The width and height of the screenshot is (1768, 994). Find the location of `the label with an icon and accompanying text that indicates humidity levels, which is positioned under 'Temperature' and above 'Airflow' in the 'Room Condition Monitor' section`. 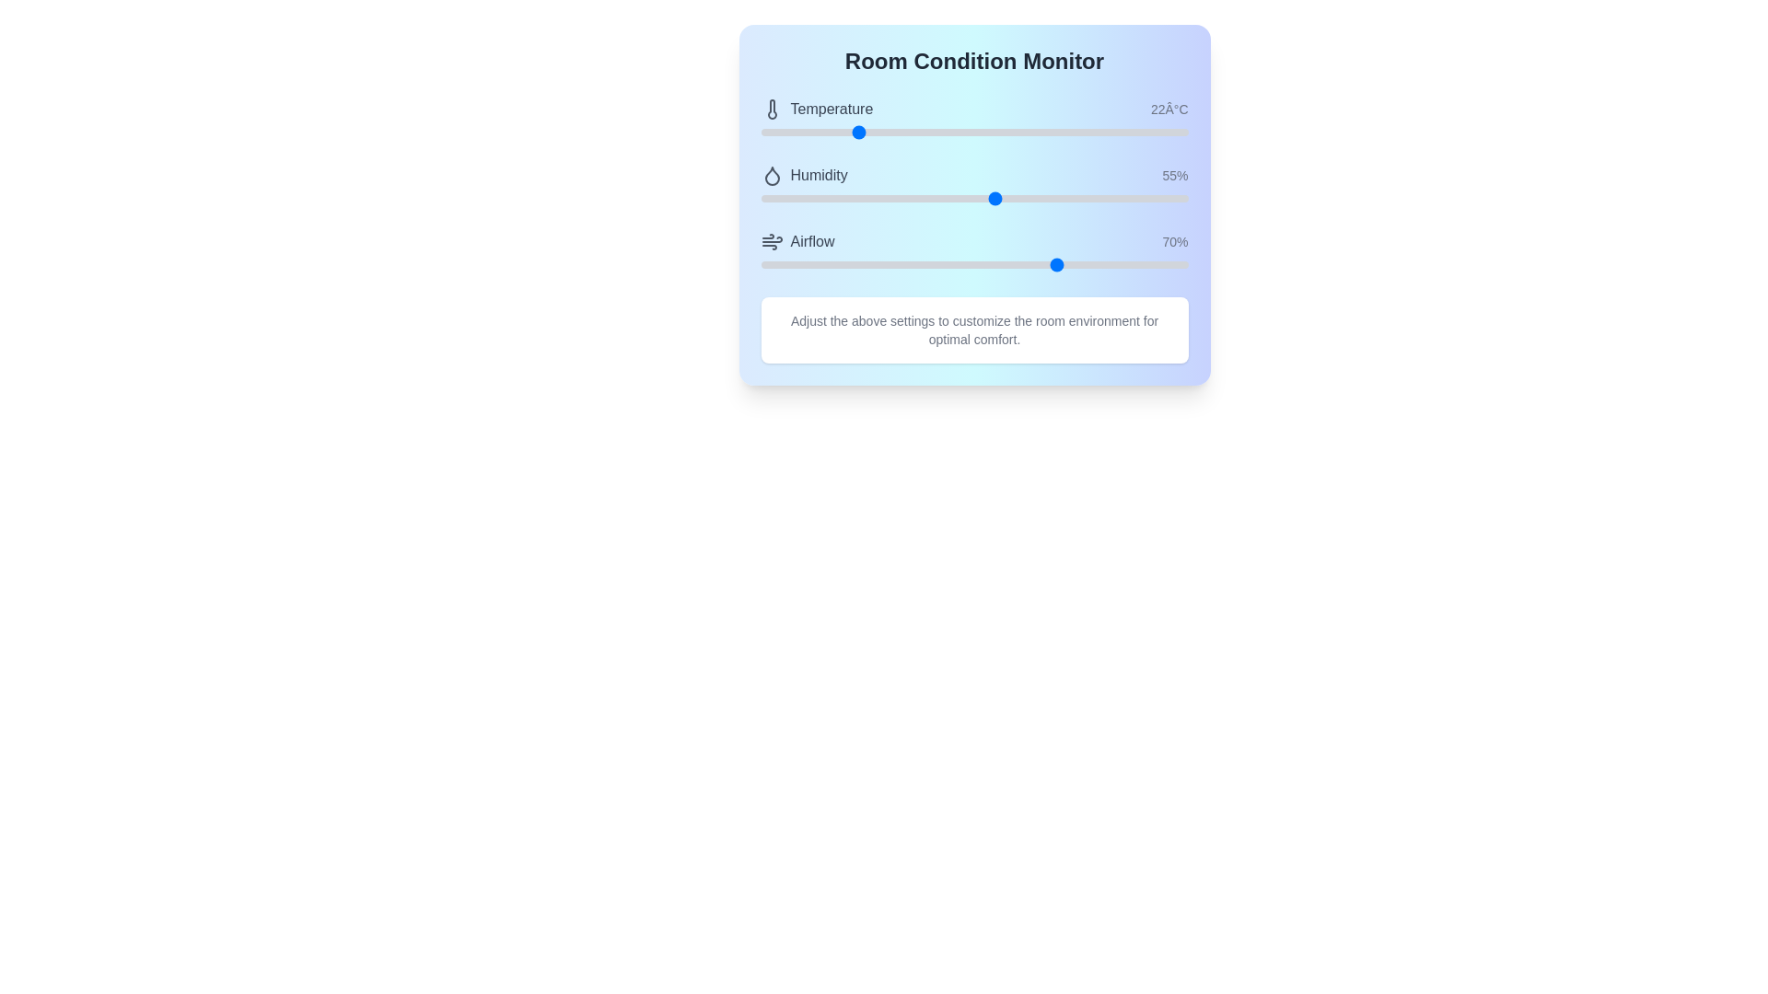

the label with an icon and accompanying text that indicates humidity levels, which is positioned under 'Temperature' and above 'Airflow' in the 'Room Condition Monitor' section is located at coordinates (804, 176).